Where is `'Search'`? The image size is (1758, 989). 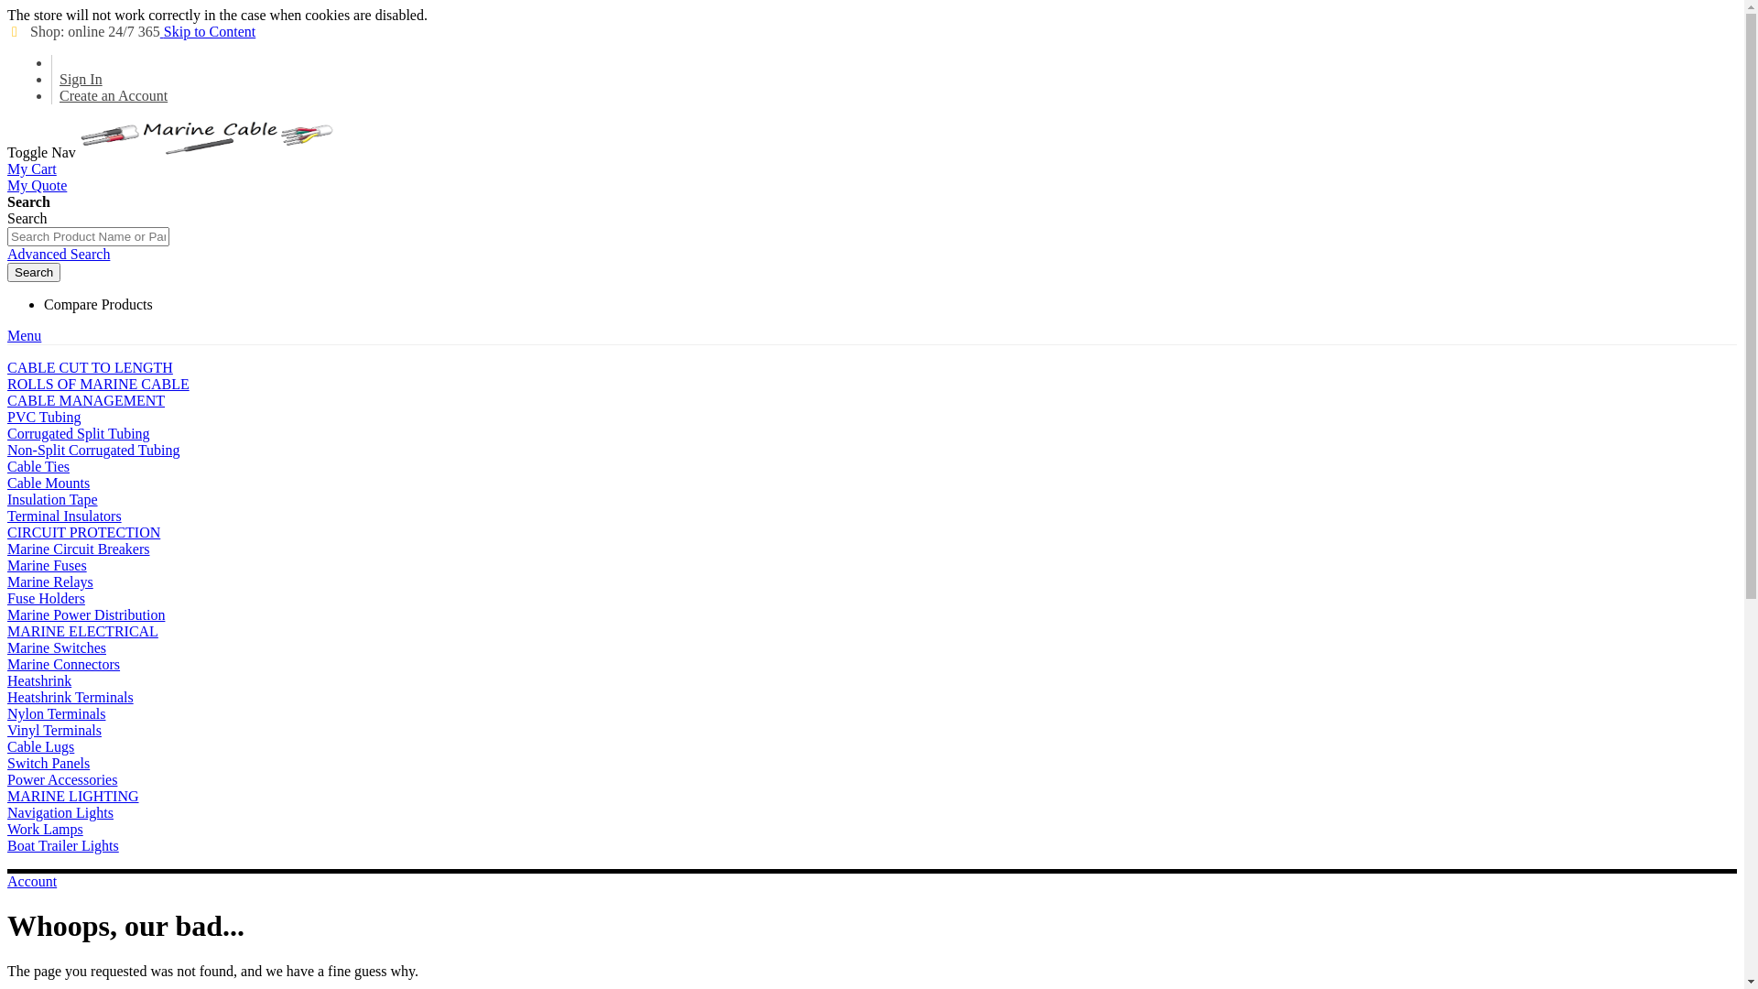 'Search' is located at coordinates (7, 272).